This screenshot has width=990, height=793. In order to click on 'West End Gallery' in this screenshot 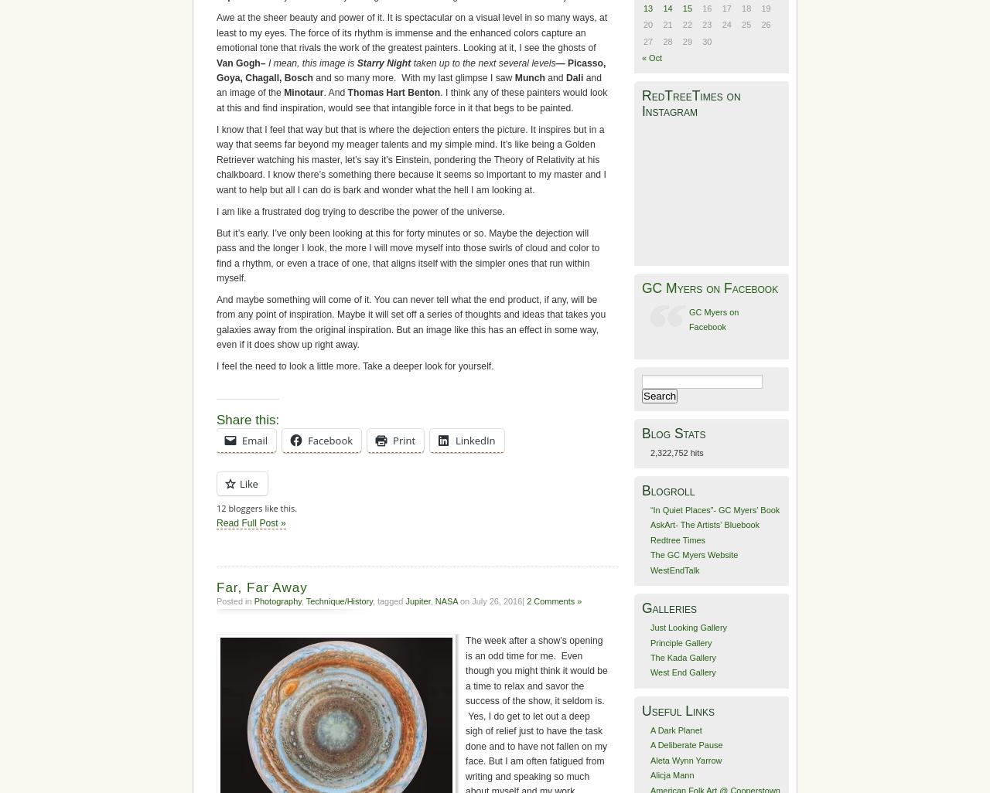, I will do `click(681, 672)`.